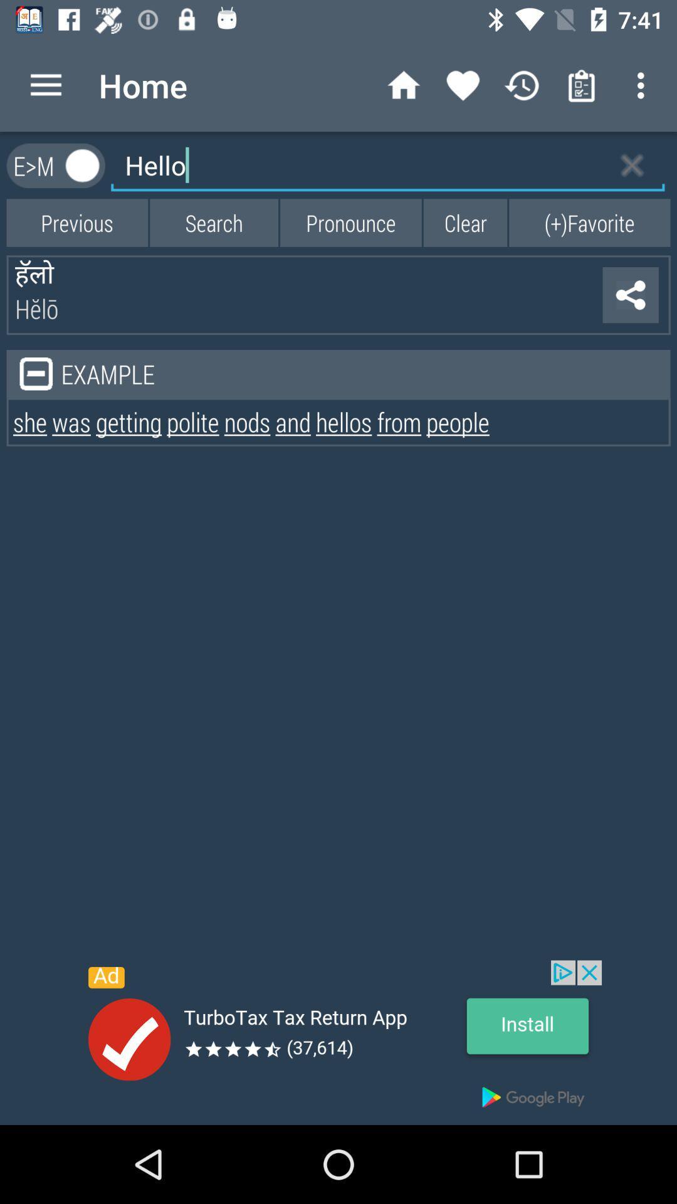 Image resolution: width=677 pixels, height=1204 pixels. I want to click on install different app, so click(338, 1042).